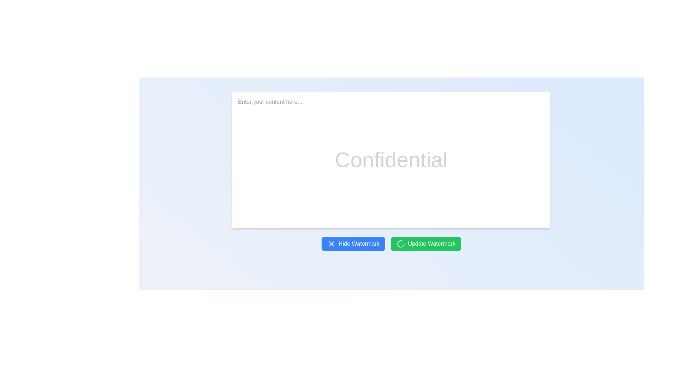 The height and width of the screenshot is (384, 683). I want to click on the green button labeled 'Update Watermark' with a circular arrow icon, so click(426, 244).